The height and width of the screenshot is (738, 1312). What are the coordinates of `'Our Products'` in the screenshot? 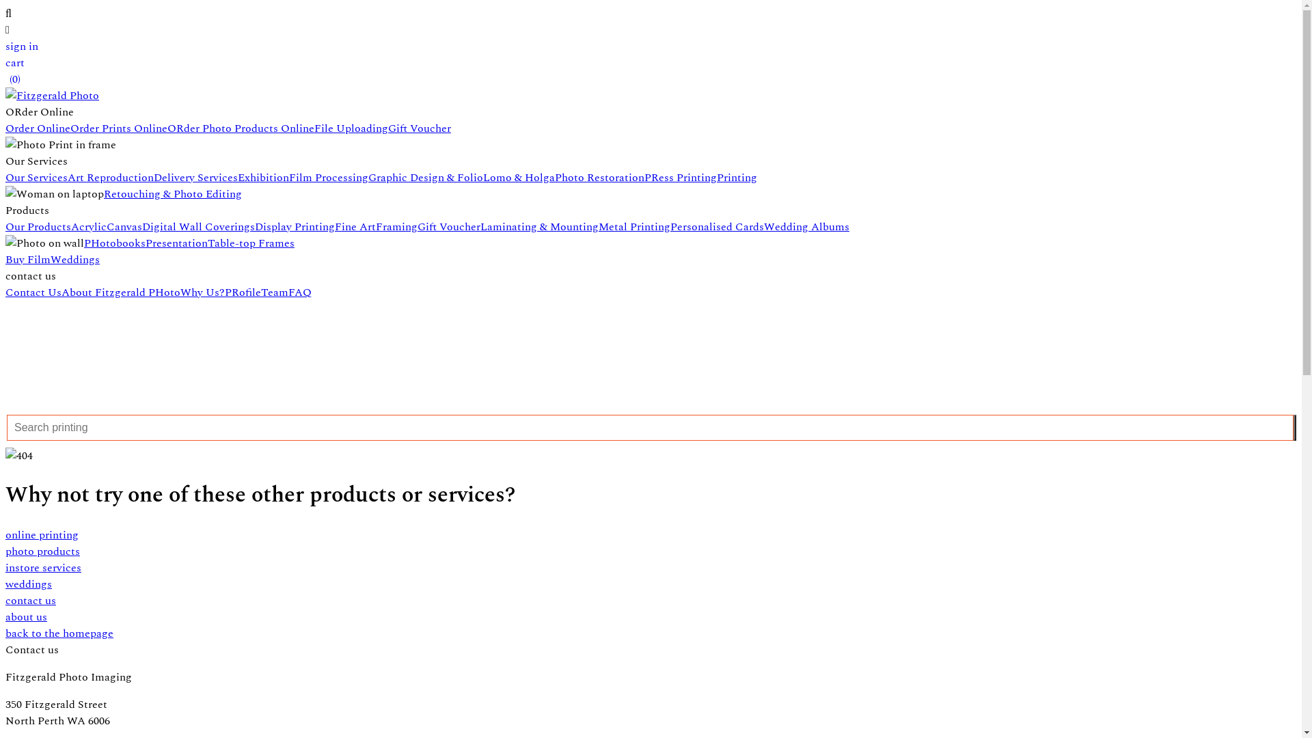 It's located at (5, 225).